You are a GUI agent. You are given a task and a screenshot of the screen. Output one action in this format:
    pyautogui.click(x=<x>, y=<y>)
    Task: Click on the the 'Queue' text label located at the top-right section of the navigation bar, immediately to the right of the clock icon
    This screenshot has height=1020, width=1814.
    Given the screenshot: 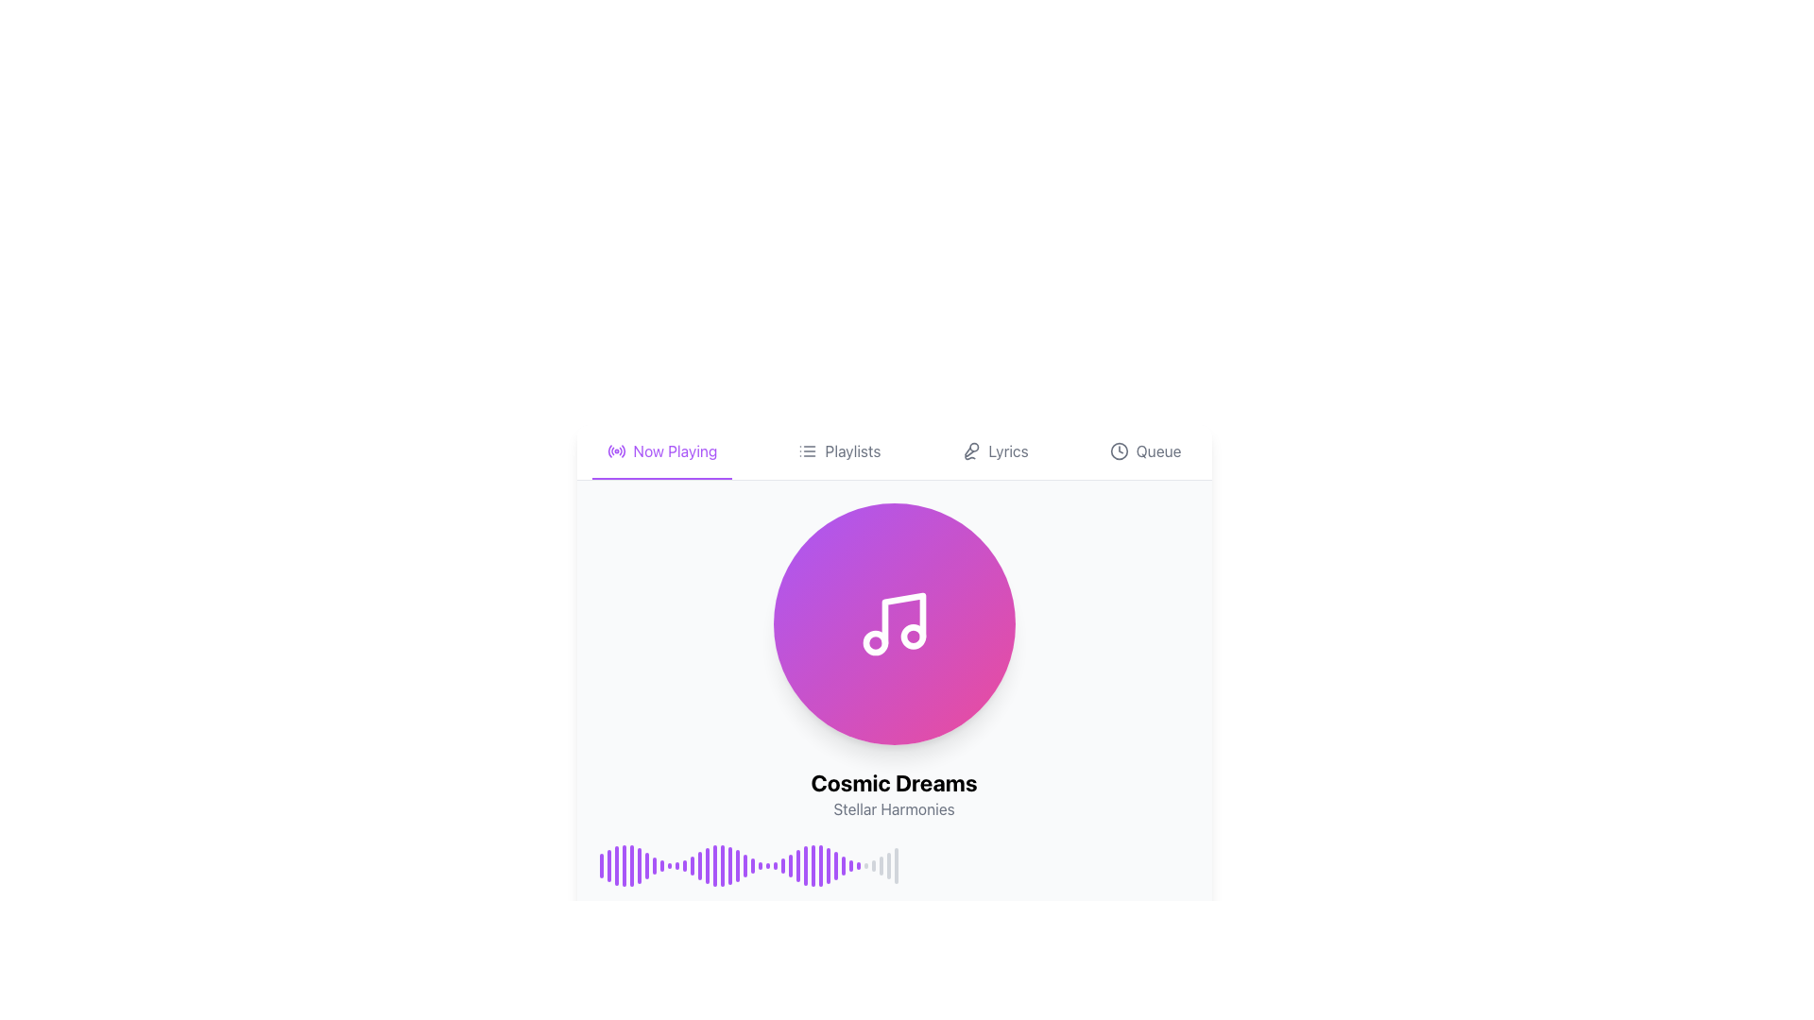 What is the action you would take?
    pyautogui.click(x=1157, y=451)
    